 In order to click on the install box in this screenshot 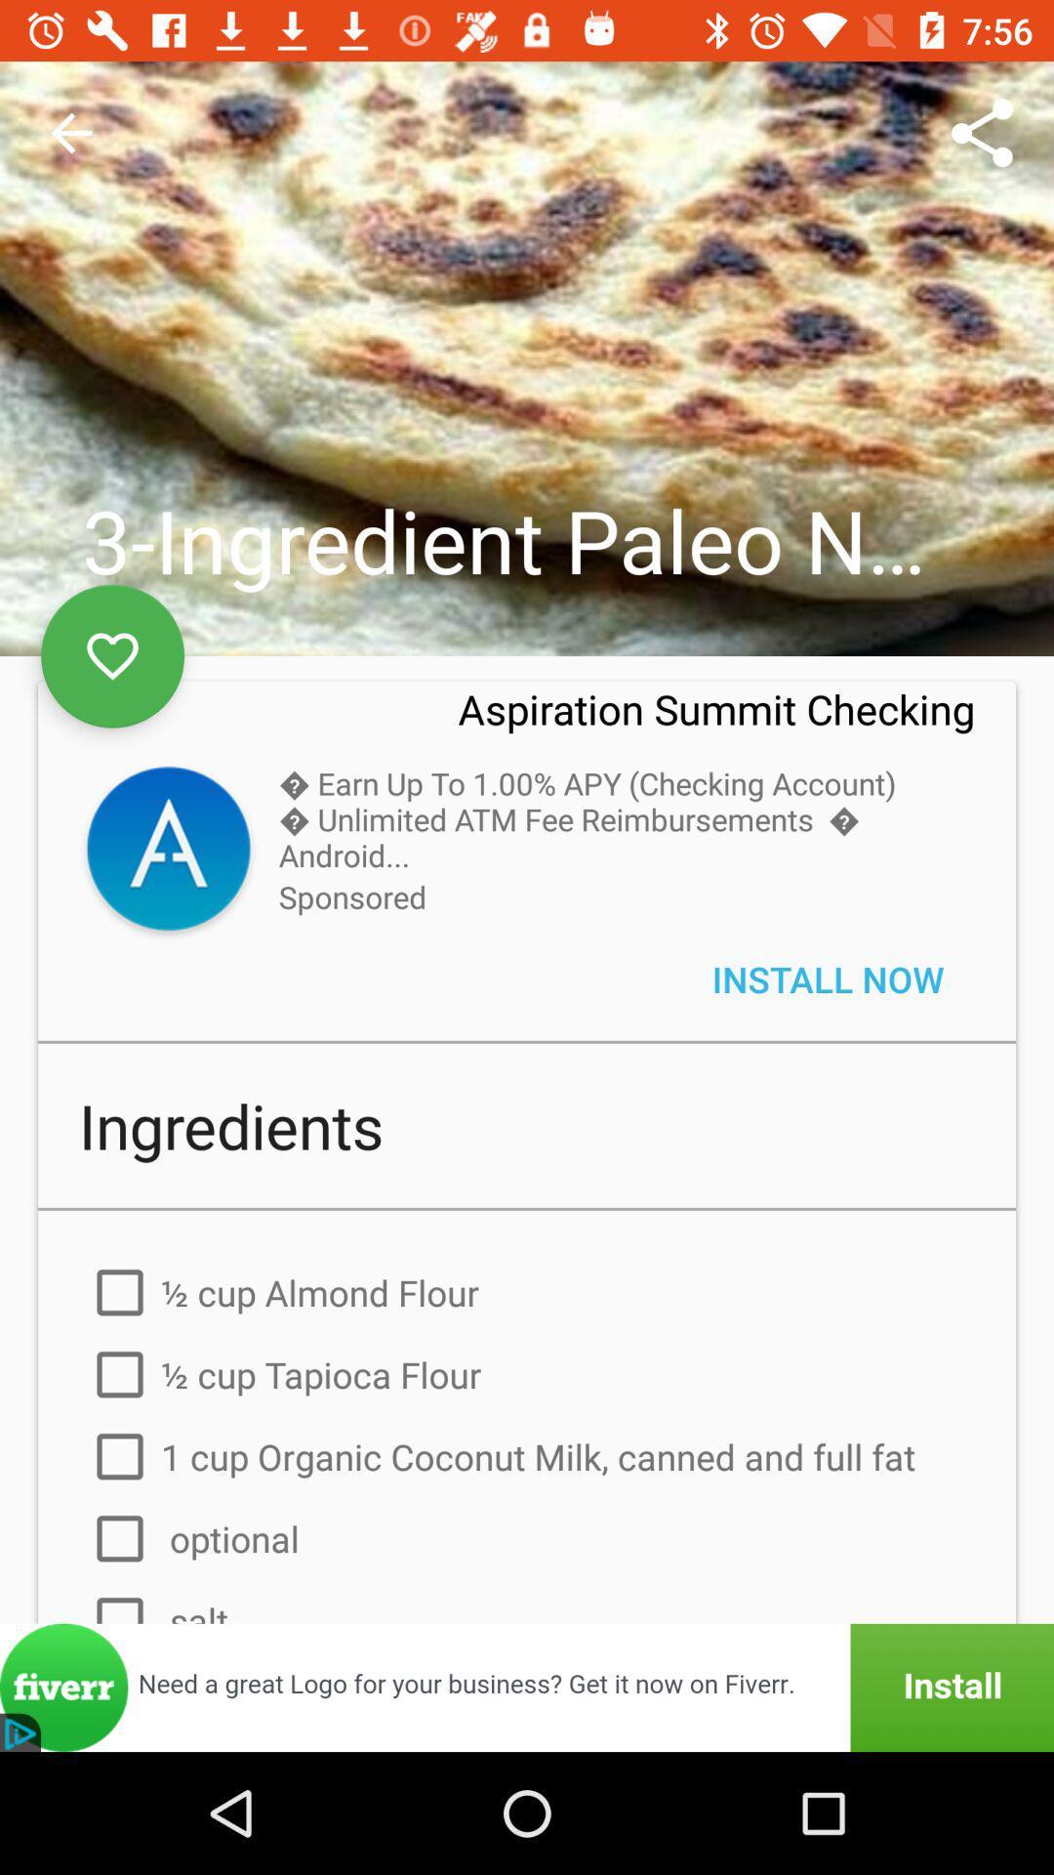, I will do `click(527, 1687)`.